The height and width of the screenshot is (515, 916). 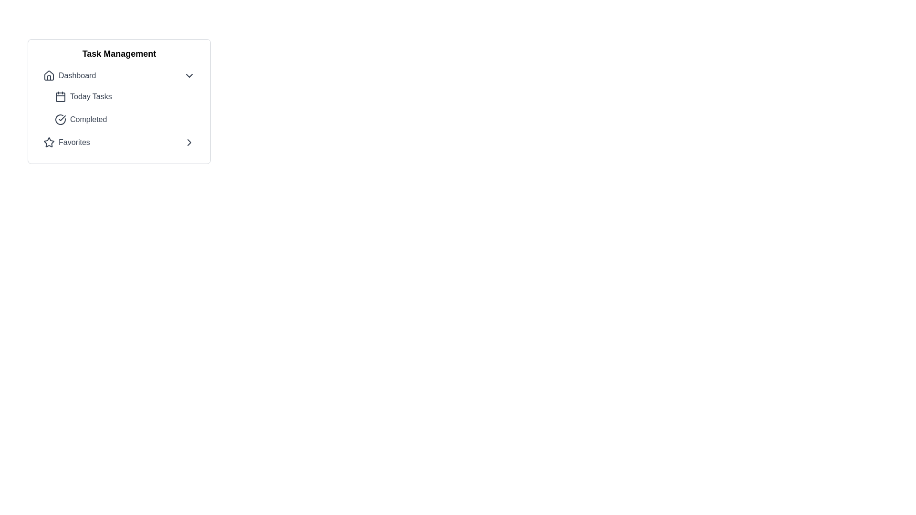 I want to click on the second menu item in the navigation panel, so click(x=118, y=97).